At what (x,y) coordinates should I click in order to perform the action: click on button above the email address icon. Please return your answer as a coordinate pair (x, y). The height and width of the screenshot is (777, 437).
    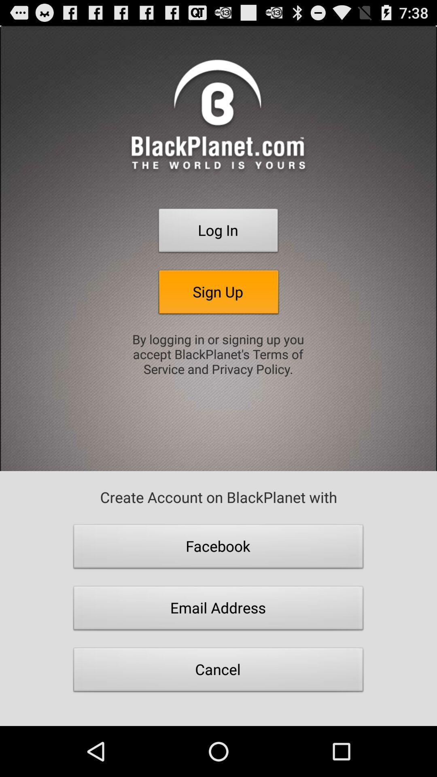
    Looking at the image, I should click on (218, 548).